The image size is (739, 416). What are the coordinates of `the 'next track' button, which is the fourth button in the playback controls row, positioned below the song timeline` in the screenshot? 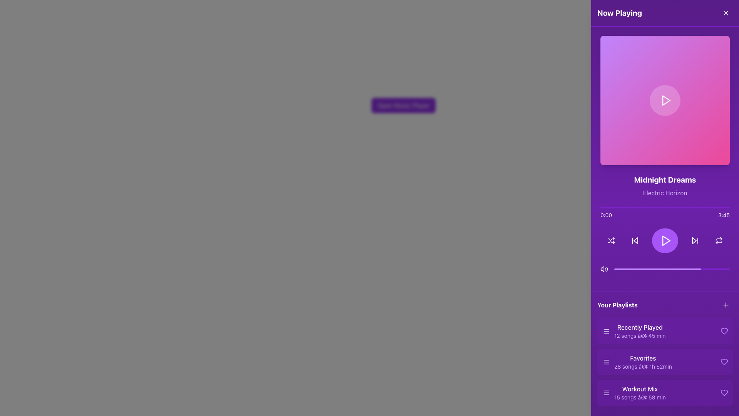 It's located at (695, 240).